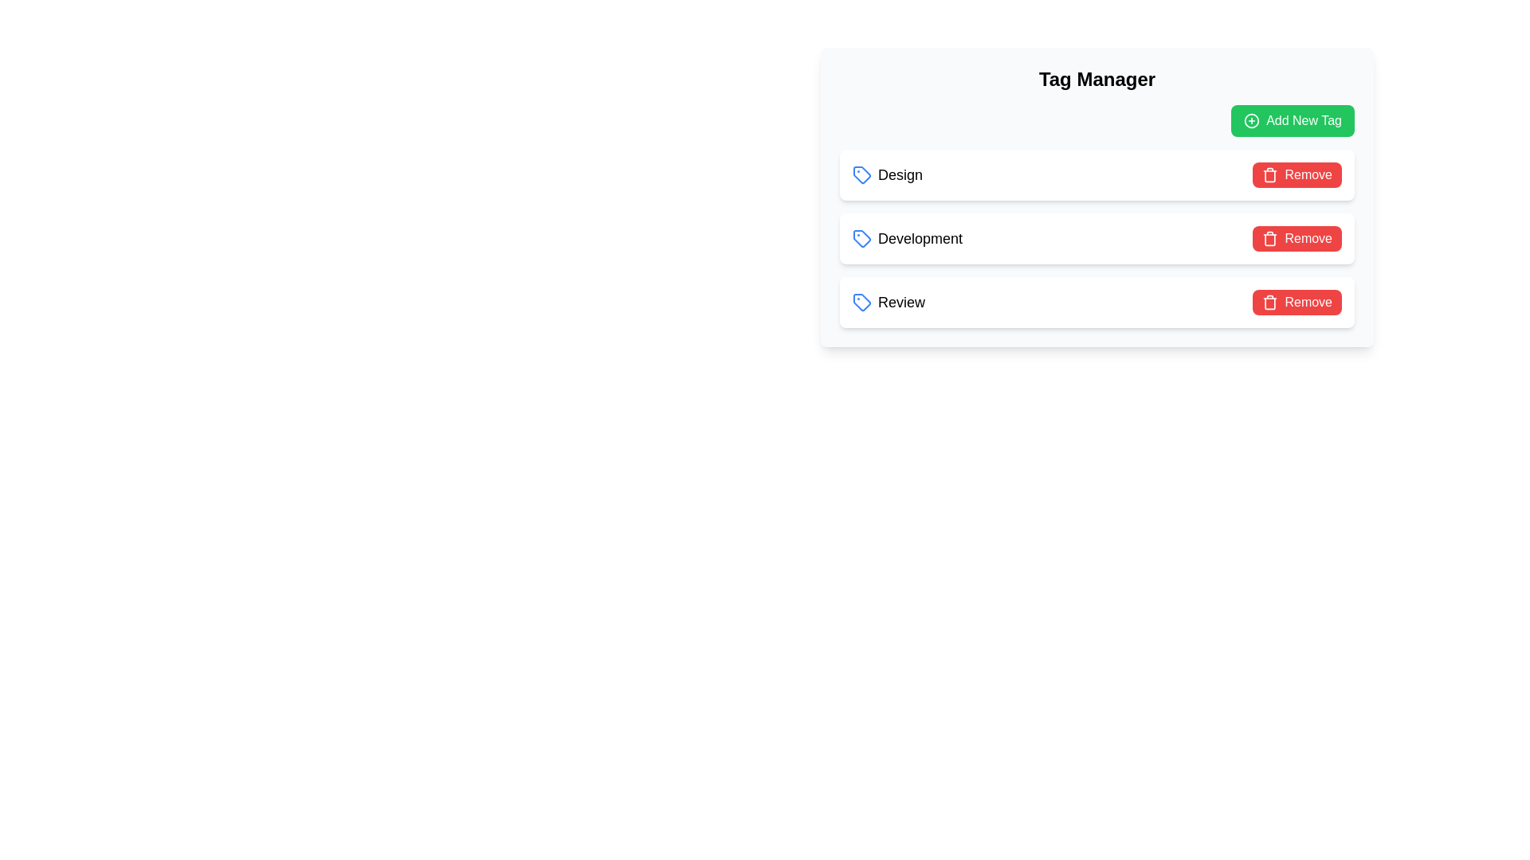 This screenshot has width=1530, height=860. Describe the element at coordinates (1269, 303) in the screenshot. I see `the 'Remove' icon with a red background located to the right of the 'Design' tag in the vertical list of tags to potentially see a tooltip` at that location.